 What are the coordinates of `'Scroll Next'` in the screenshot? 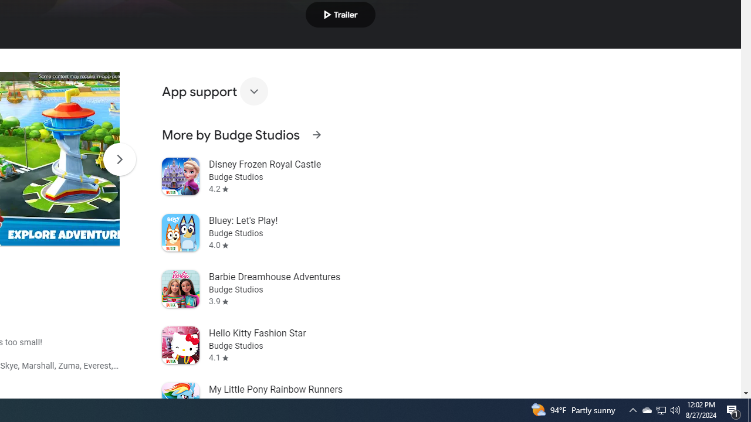 It's located at (119, 159).